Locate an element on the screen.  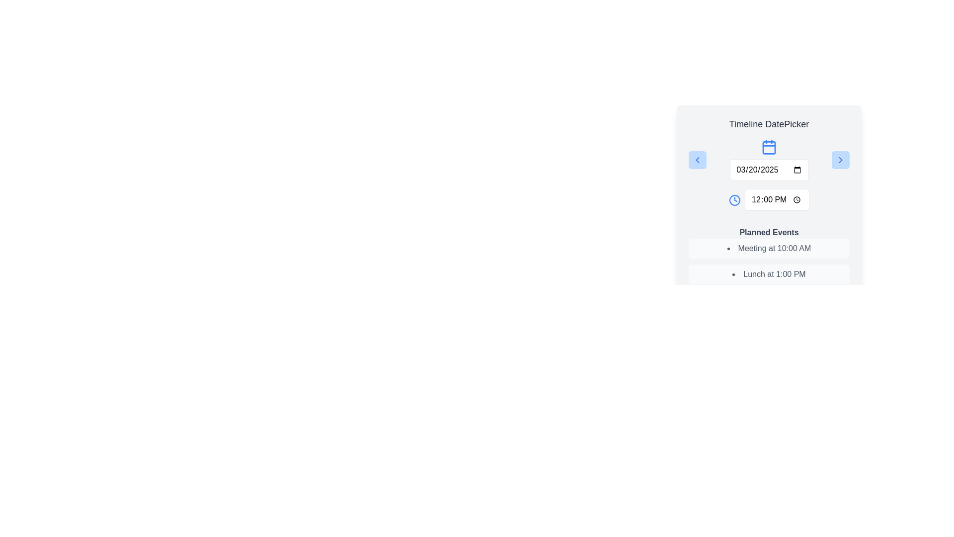
the static text displaying the details of the scheduled meeting at 10:00 AM, which is the first item in the vertical list of planned events below the 'Planned Events' heading is located at coordinates (769, 248).